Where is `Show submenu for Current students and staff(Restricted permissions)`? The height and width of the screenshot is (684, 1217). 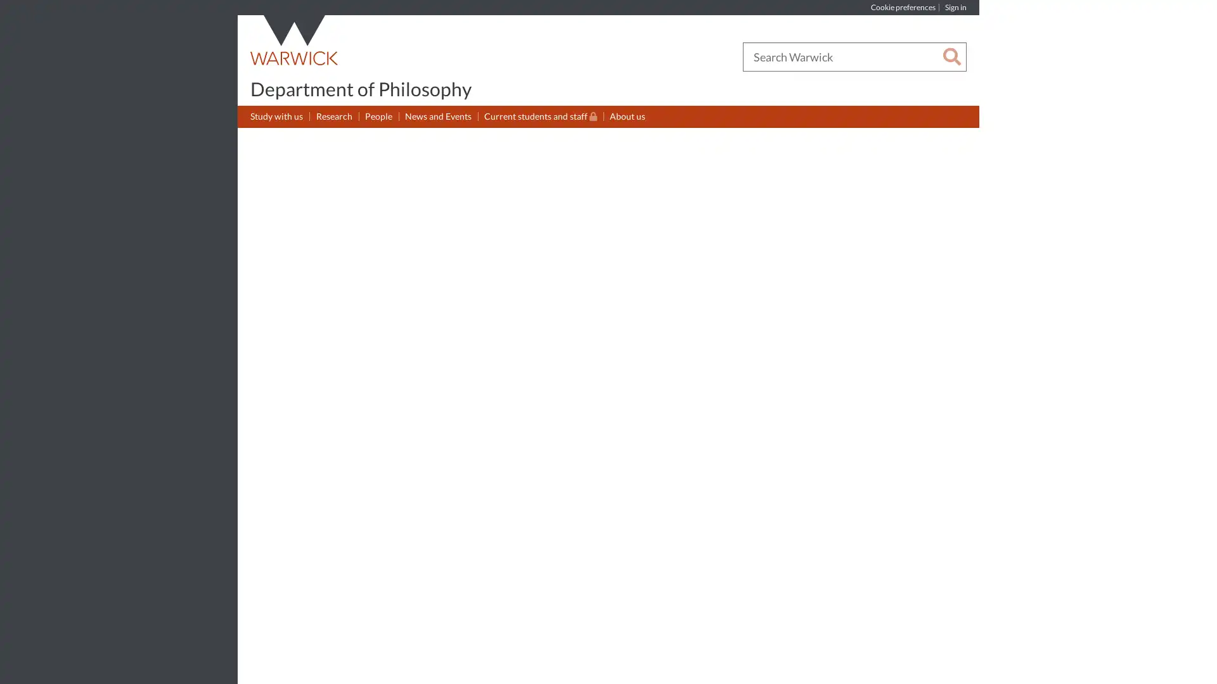 Show submenu for Current students and staff(Restricted permissions) is located at coordinates (486, 109).